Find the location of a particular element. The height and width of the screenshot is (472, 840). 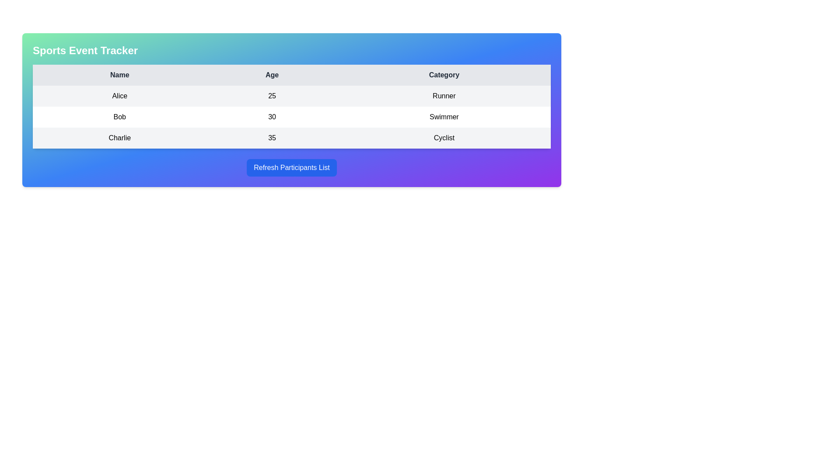

the label representing the category descriptor for participant 'Alice' in the sports event tracking table, located in the third column of the first row, adjacent to the 'Age' column is located at coordinates (444, 96).